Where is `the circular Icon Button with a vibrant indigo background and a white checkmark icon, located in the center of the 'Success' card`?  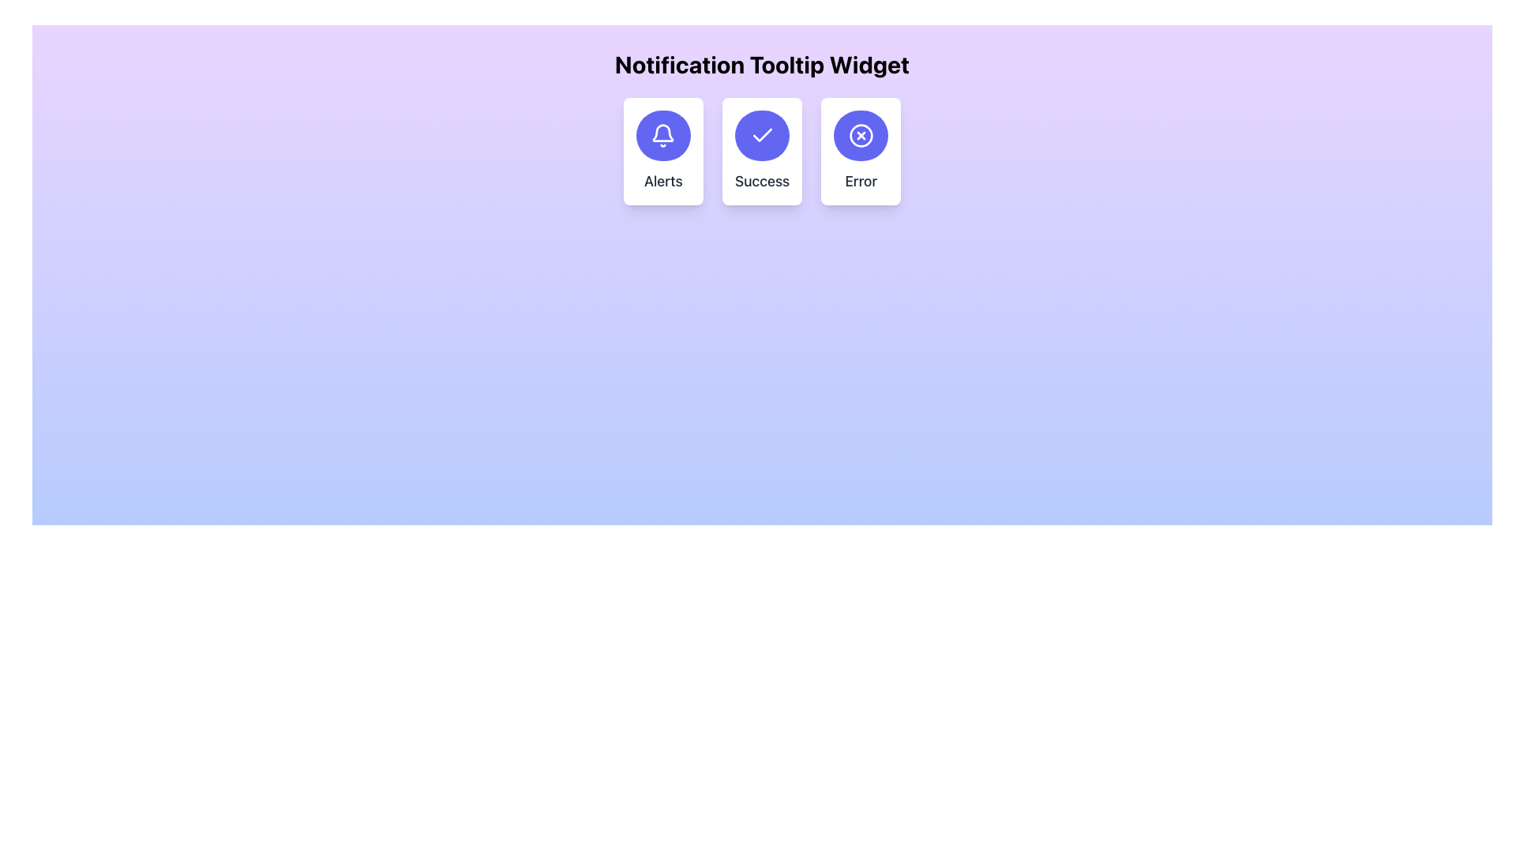 the circular Icon Button with a vibrant indigo background and a white checkmark icon, located in the center of the 'Success' card is located at coordinates (762, 135).